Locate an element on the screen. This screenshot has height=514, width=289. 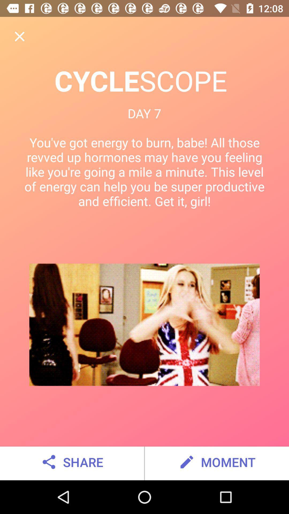
screen closing button is located at coordinates (19, 36).